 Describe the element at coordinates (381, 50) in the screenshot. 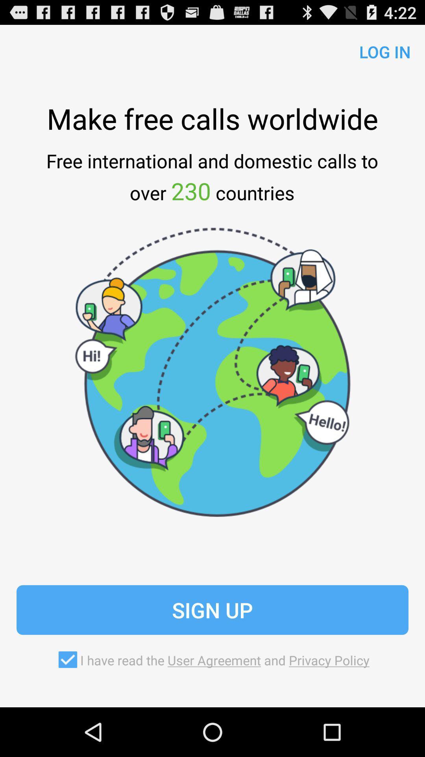

I see `the log in icon` at that location.